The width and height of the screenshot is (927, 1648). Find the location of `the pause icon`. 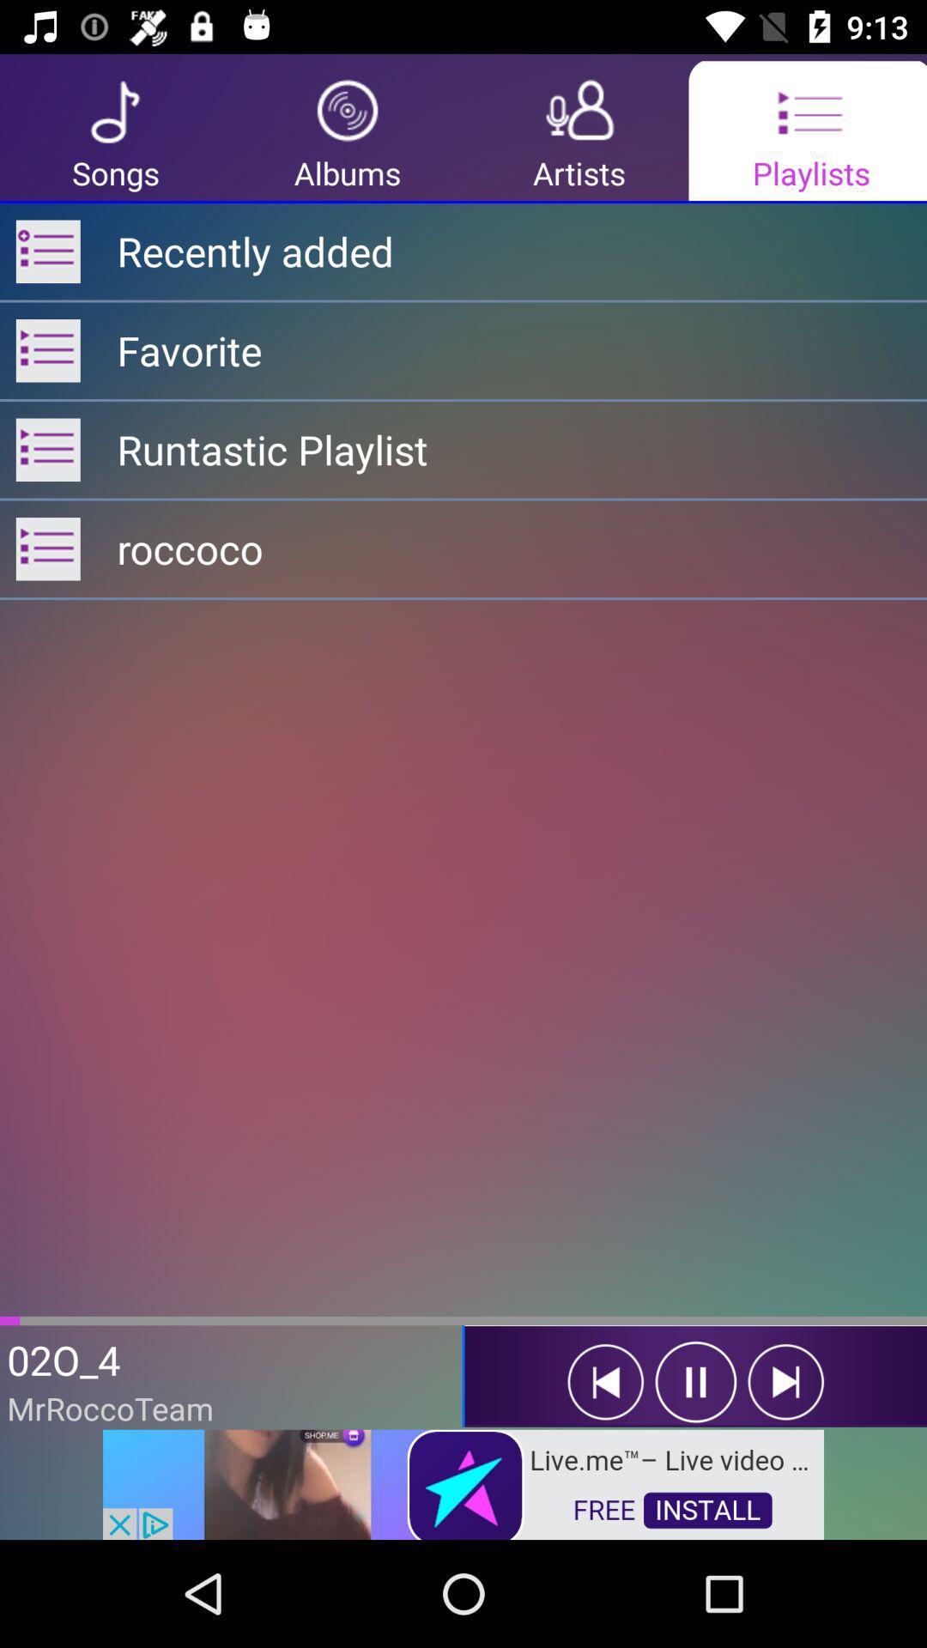

the pause icon is located at coordinates (695, 1382).